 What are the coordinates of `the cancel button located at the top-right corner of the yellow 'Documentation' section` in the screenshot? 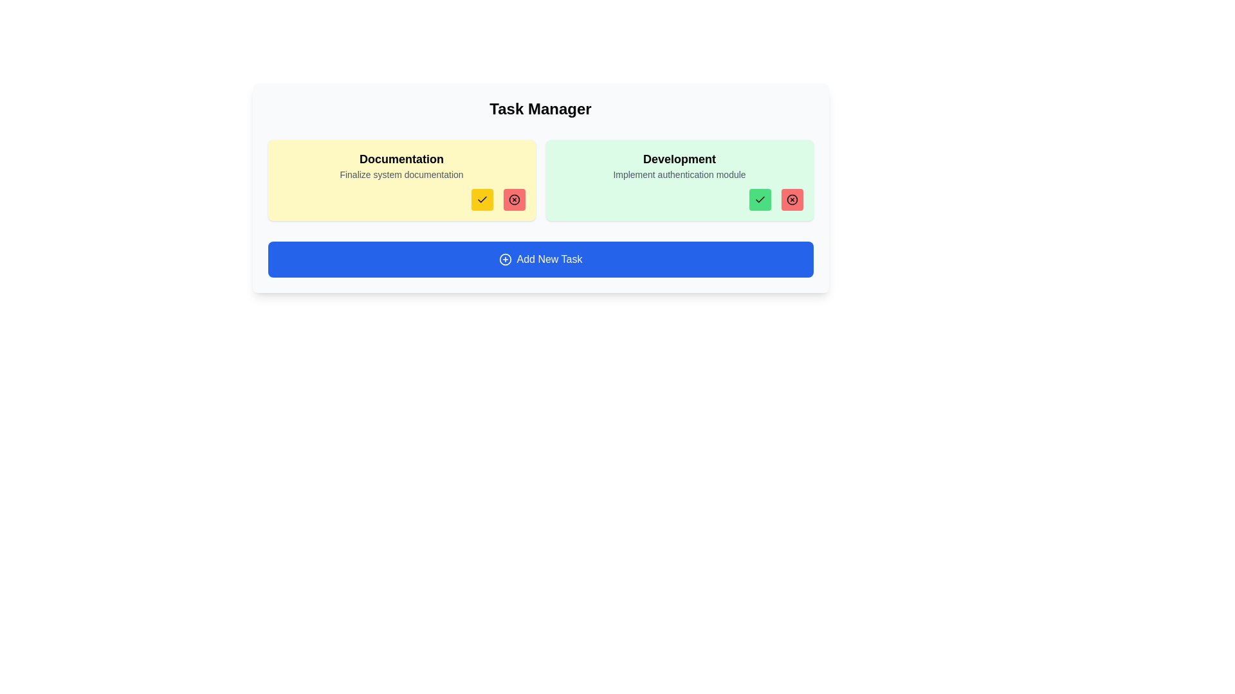 It's located at (513, 200).